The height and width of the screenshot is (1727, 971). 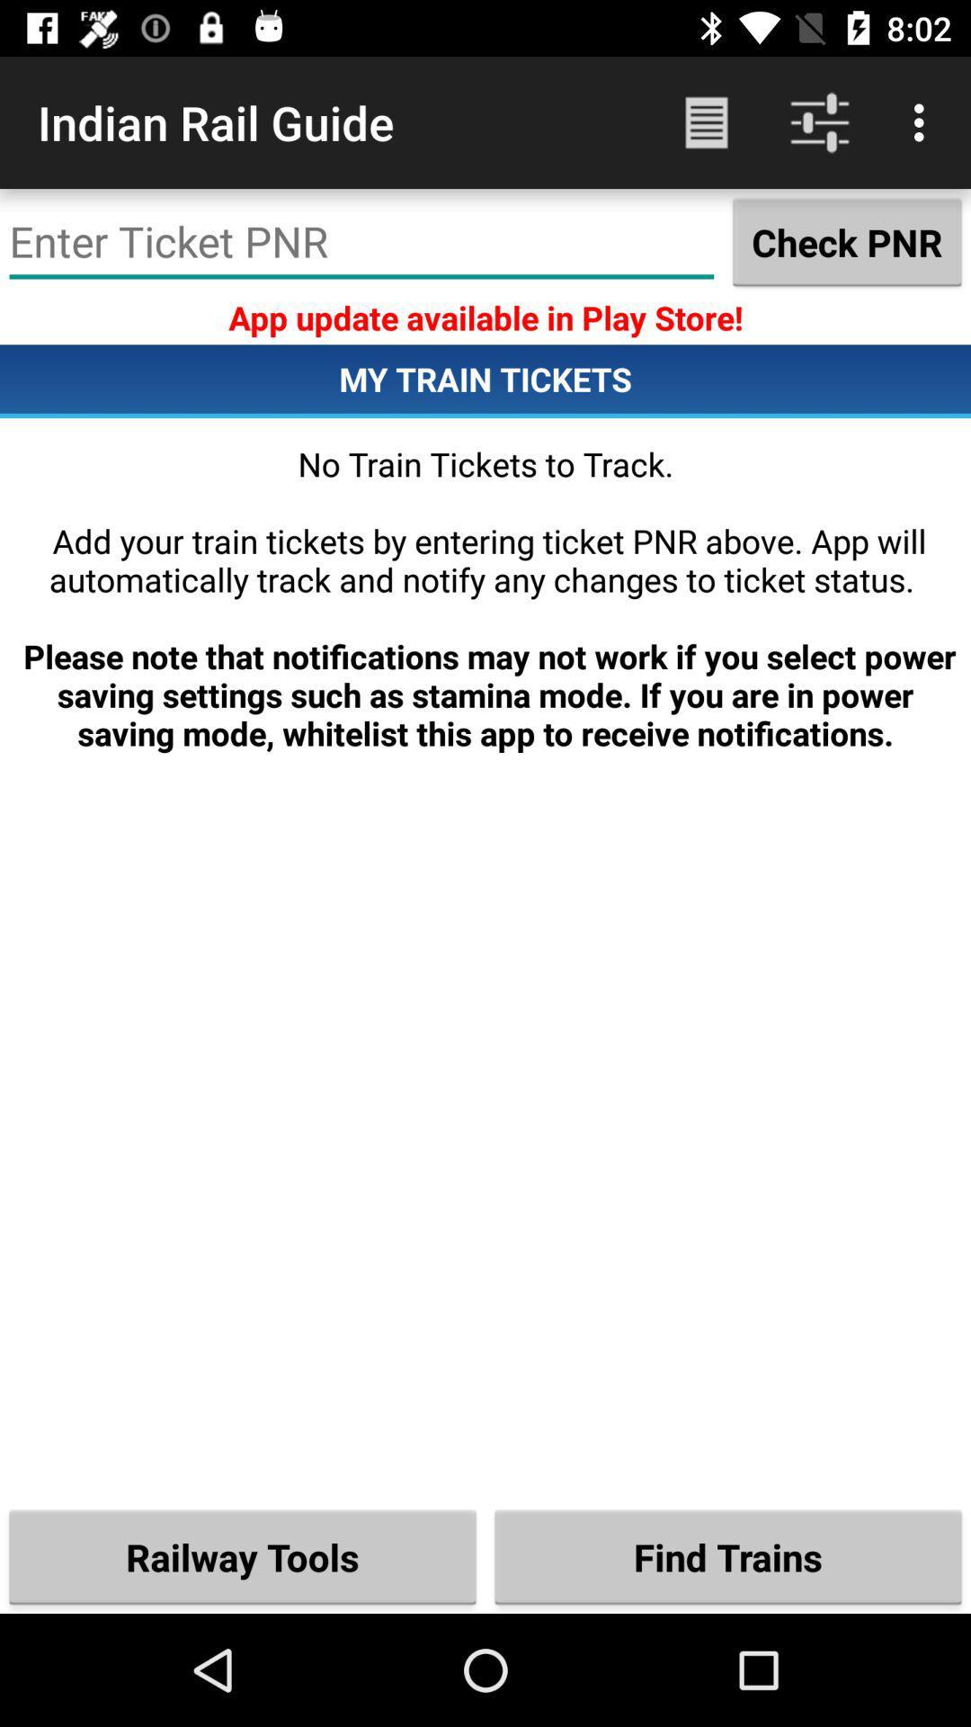 What do you see at coordinates (243, 1556) in the screenshot?
I see `the icon next to the find trains item` at bounding box center [243, 1556].